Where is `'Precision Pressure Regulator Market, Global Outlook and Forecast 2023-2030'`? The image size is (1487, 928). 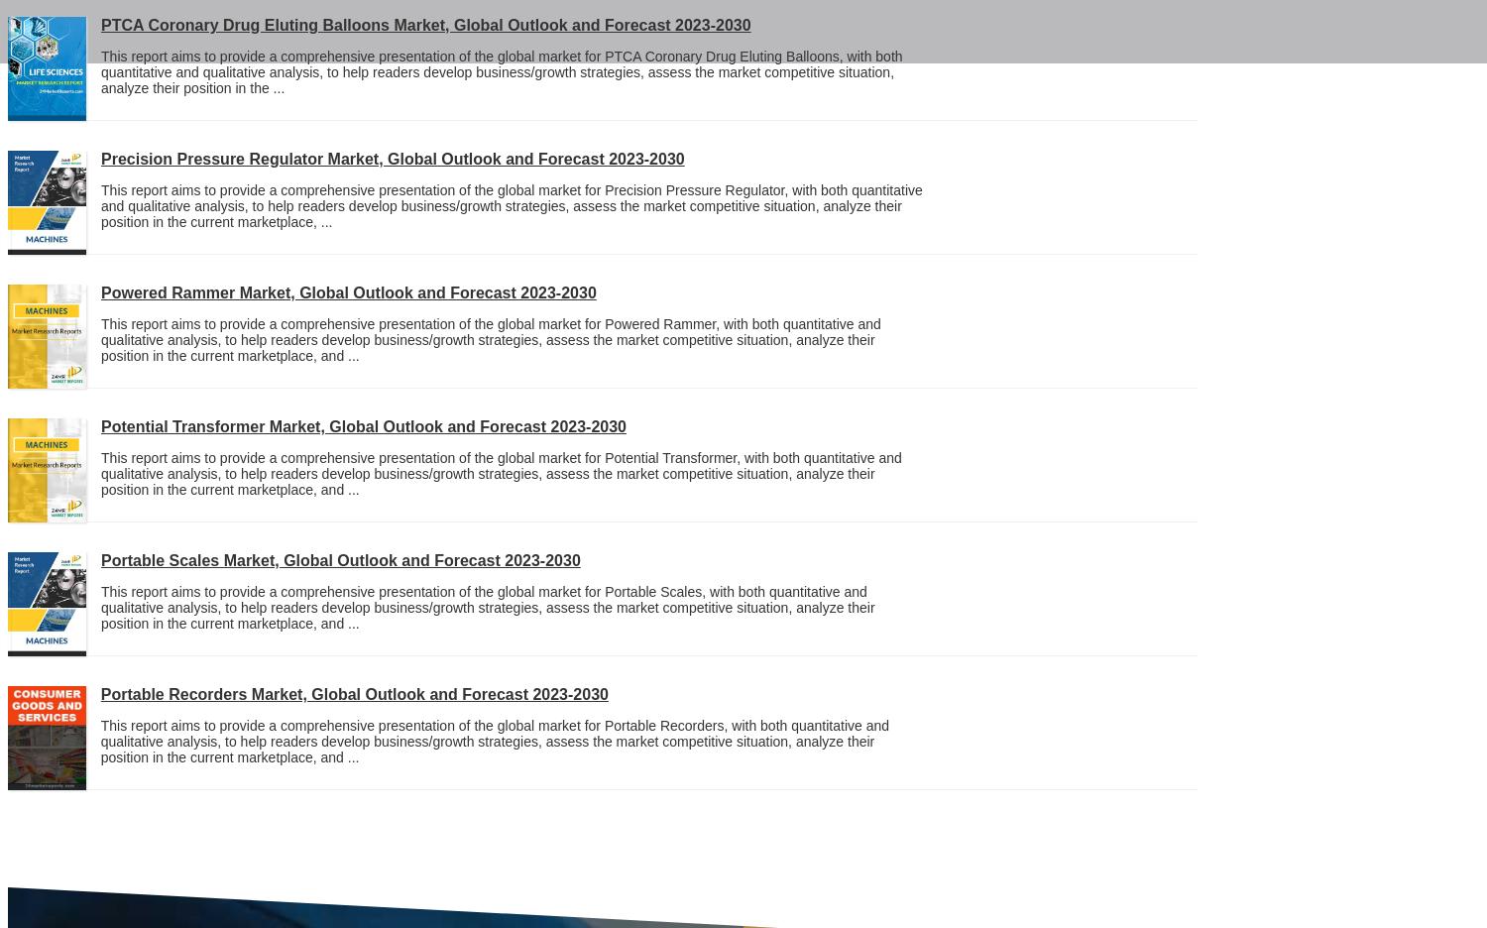
'Precision Pressure Regulator Market, Global Outlook and Forecast 2023-2030' is located at coordinates (393, 158).